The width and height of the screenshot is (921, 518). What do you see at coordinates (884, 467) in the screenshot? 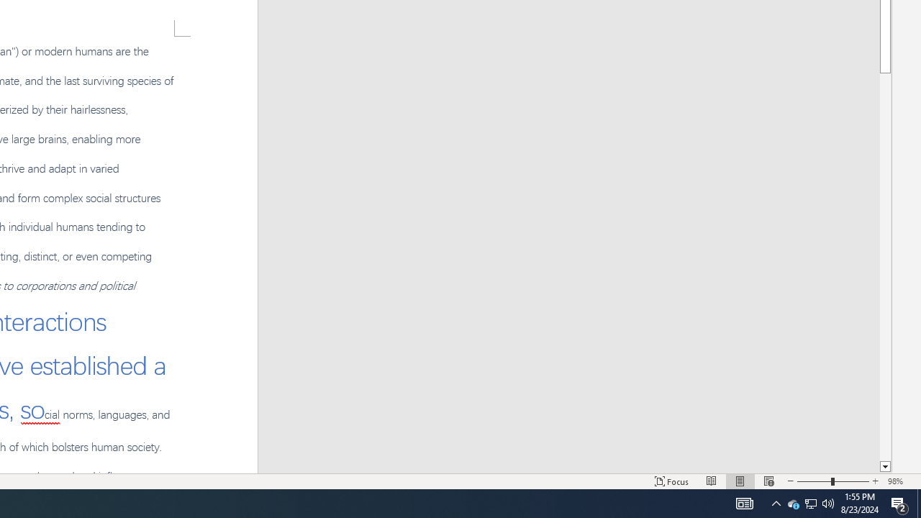
I see `'Line down'` at bounding box center [884, 467].